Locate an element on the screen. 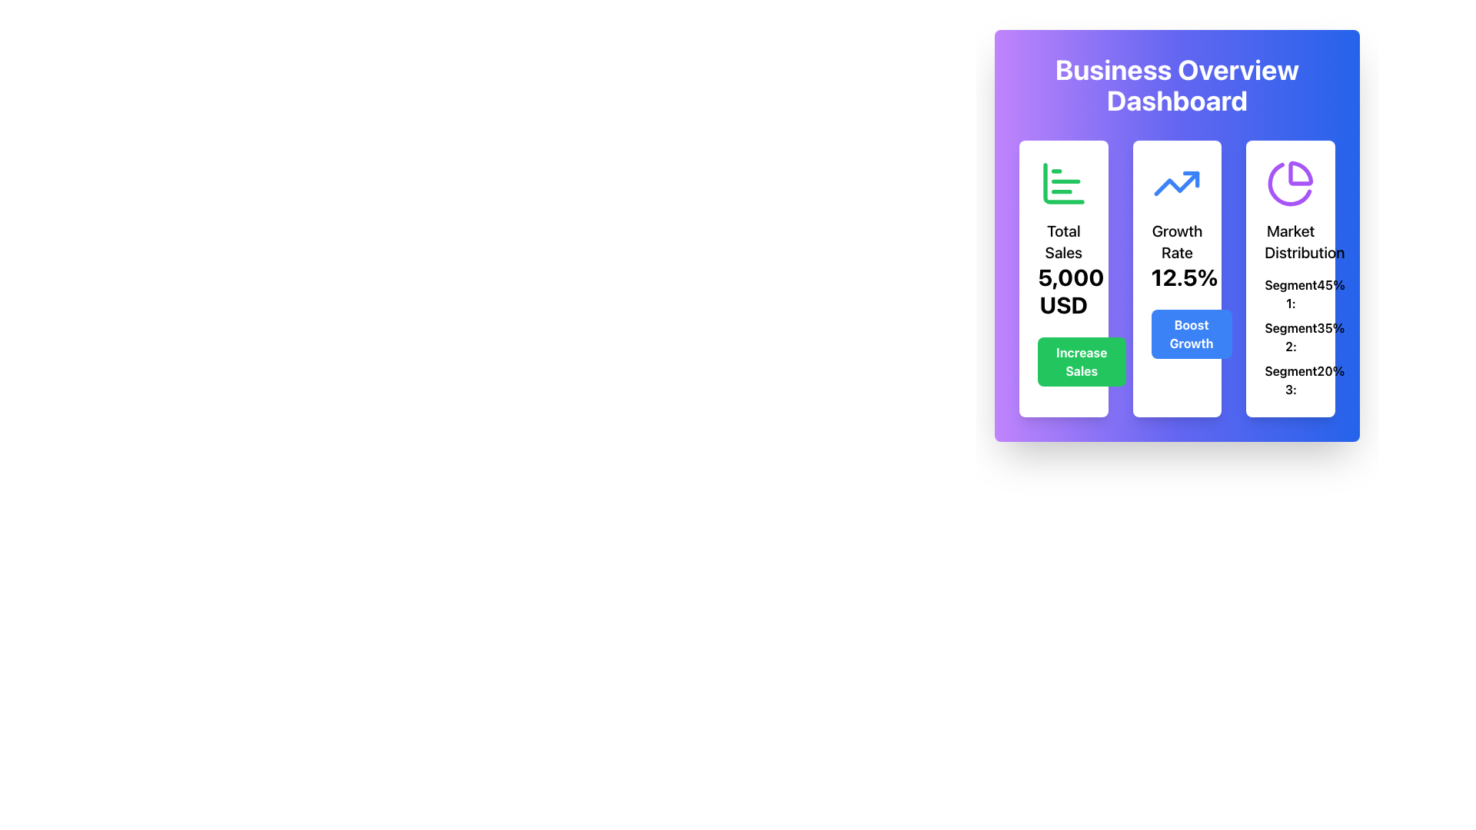 This screenshot has height=830, width=1476. information displayed in the Text Display element showing 'Segment 2:35%' located in the rightmost card under 'Market Distribution' is located at coordinates (1291, 337).